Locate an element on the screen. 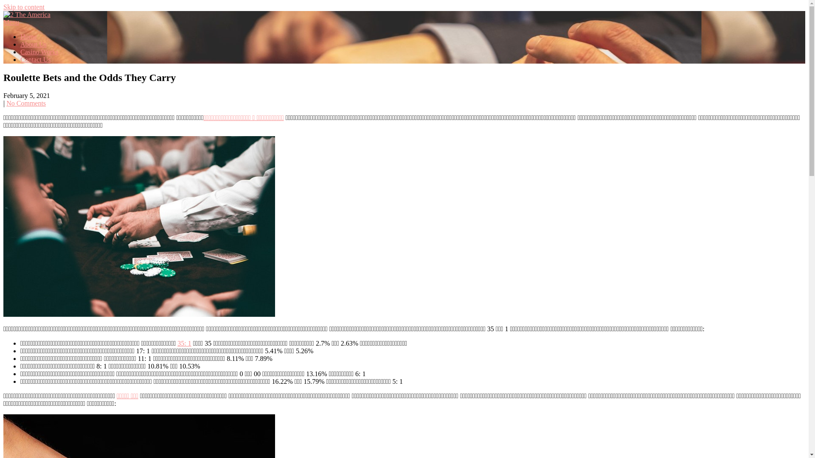 The width and height of the screenshot is (815, 458). 'Menu' is located at coordinates (11, 22).